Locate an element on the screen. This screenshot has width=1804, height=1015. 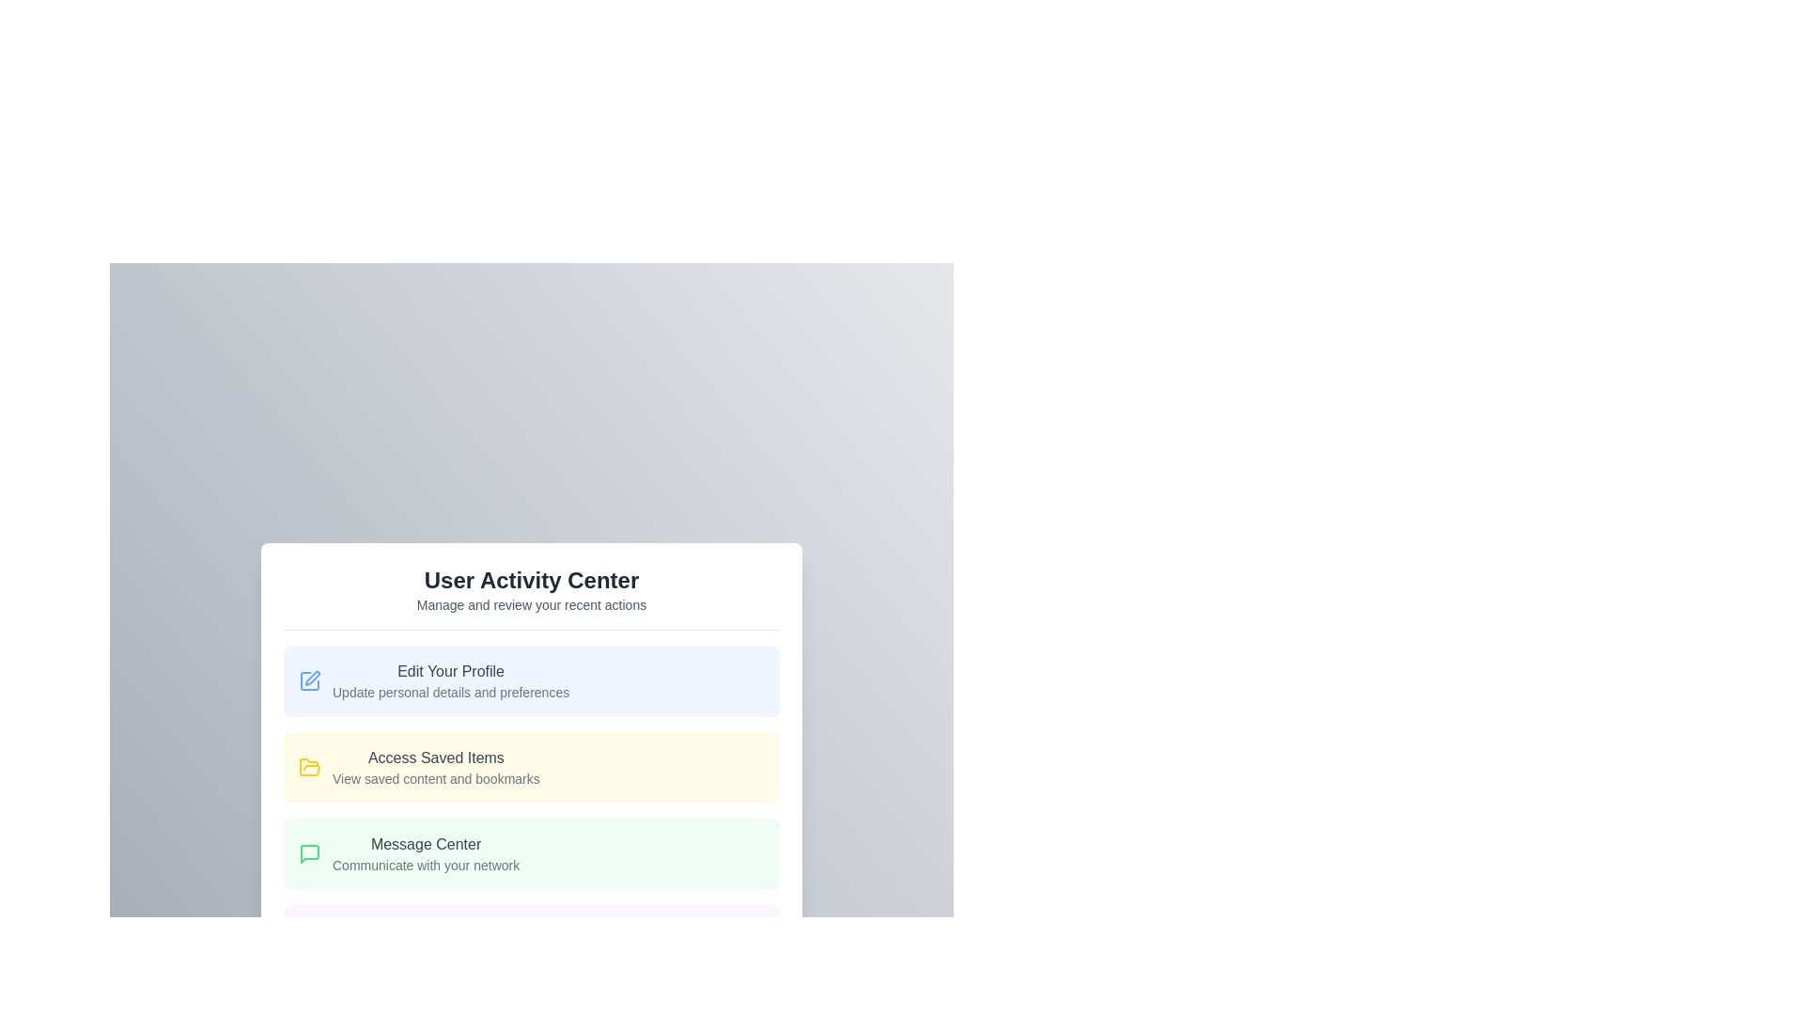
the Informational Button located beneath 'User Activity Center' is located at coordinates (531, 680).